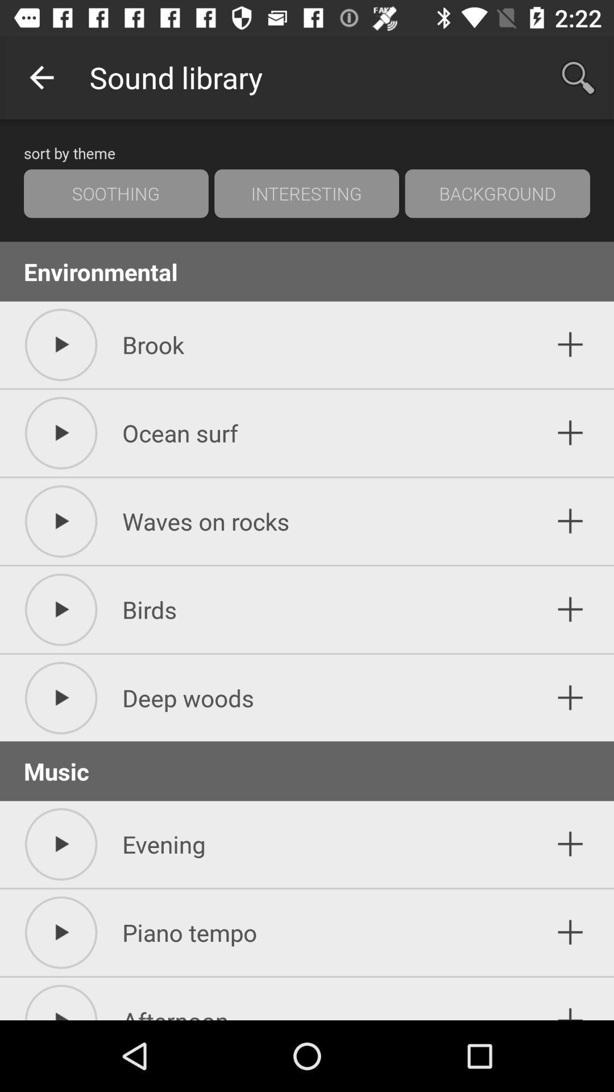 The image size is (614, 1092). I want to click on add symbol, so click(570, 932).